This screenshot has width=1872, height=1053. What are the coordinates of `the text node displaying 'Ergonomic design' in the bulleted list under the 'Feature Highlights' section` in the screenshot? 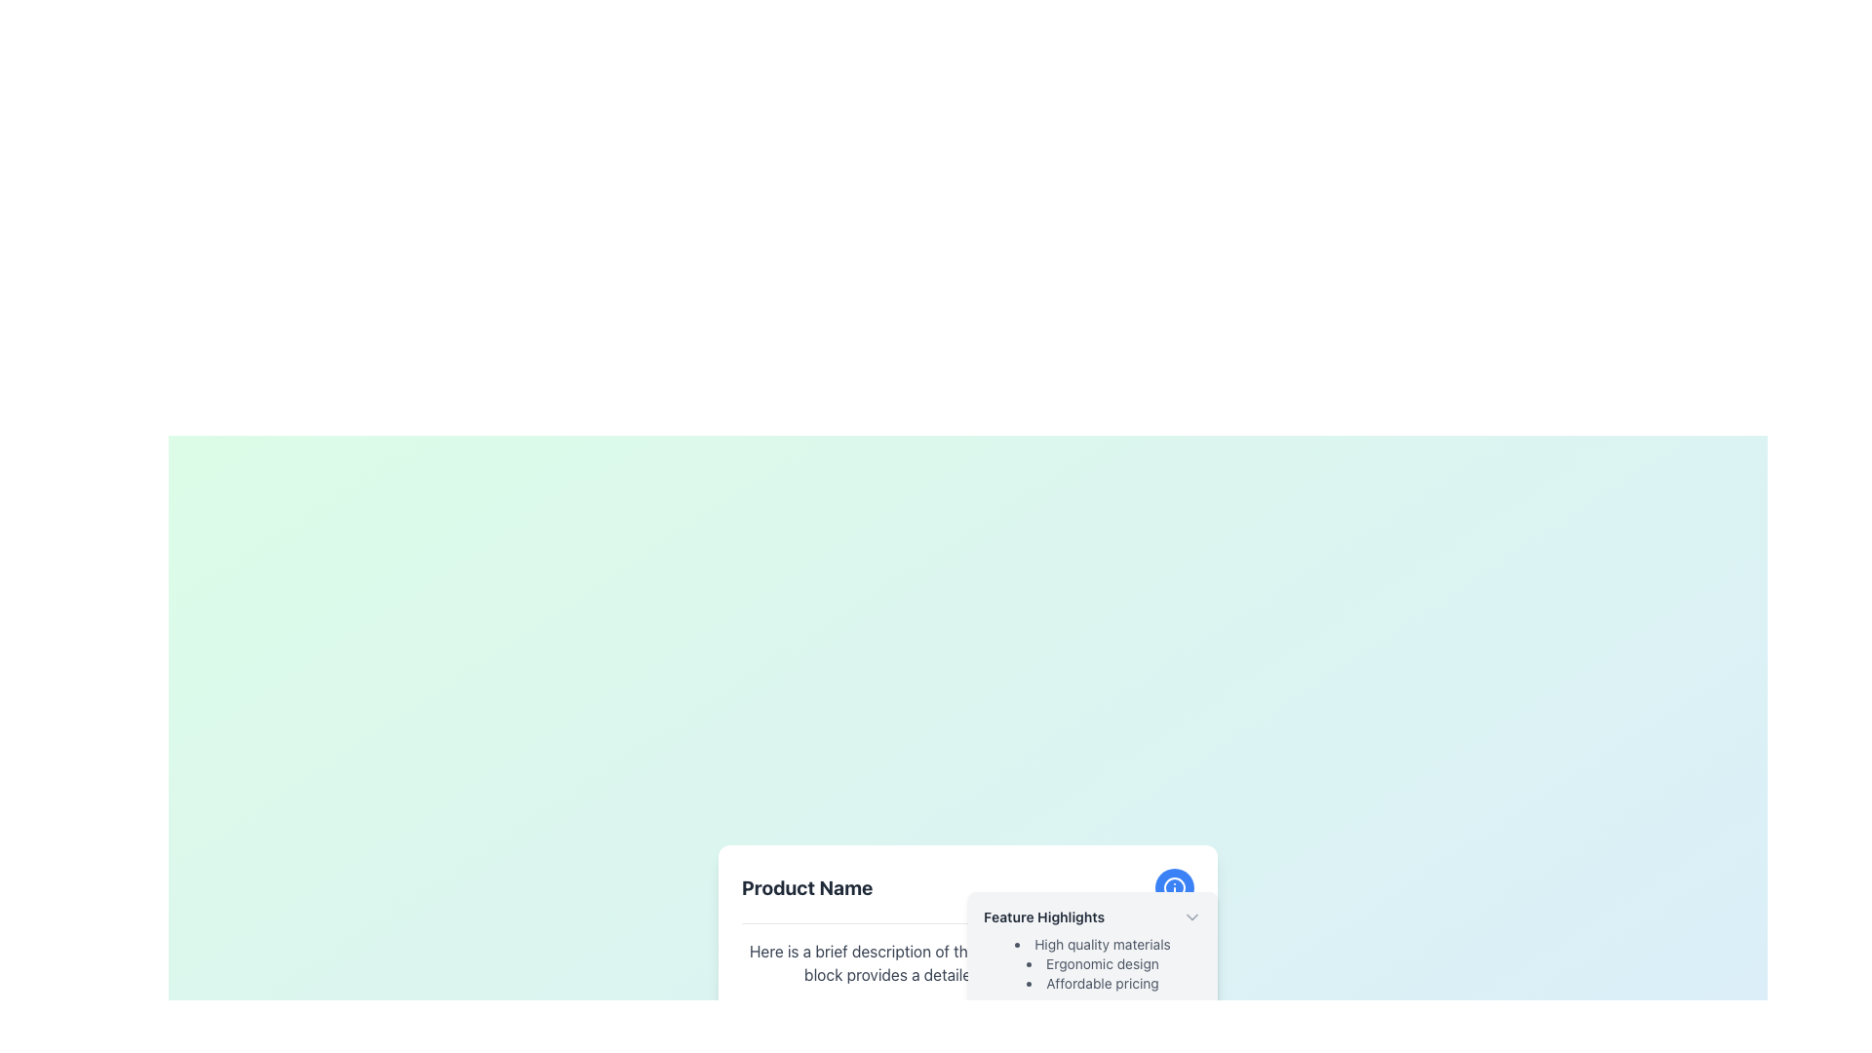 It's located at (1093, 962).